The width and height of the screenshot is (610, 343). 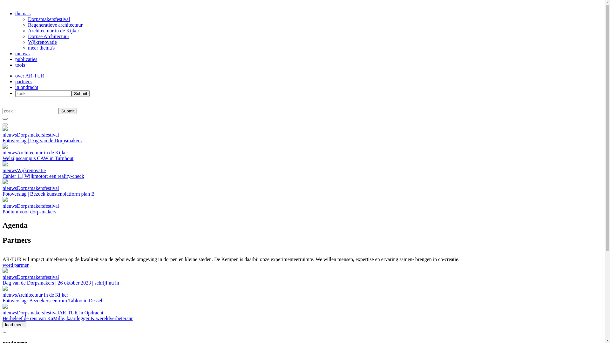 I want to click on 'Dorpse Architectuur', so click(x=27, y=36).